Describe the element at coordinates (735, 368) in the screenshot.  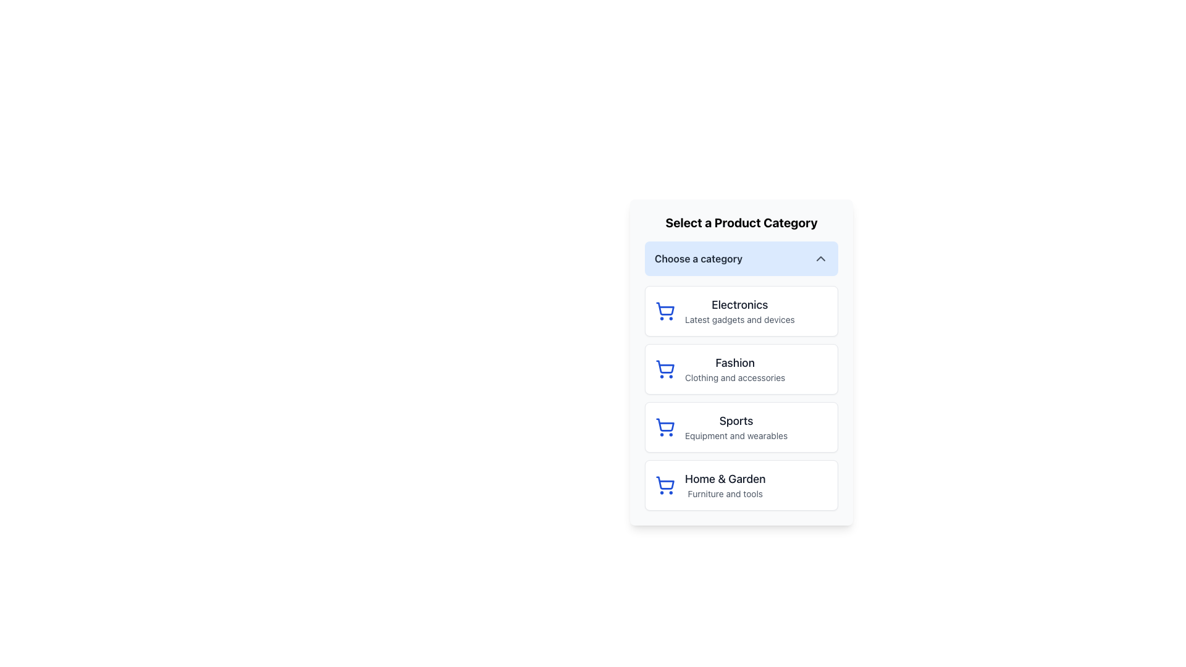
I see `the 'Fashion' text label, which is the second item in the vertical list of product categories` at that location.